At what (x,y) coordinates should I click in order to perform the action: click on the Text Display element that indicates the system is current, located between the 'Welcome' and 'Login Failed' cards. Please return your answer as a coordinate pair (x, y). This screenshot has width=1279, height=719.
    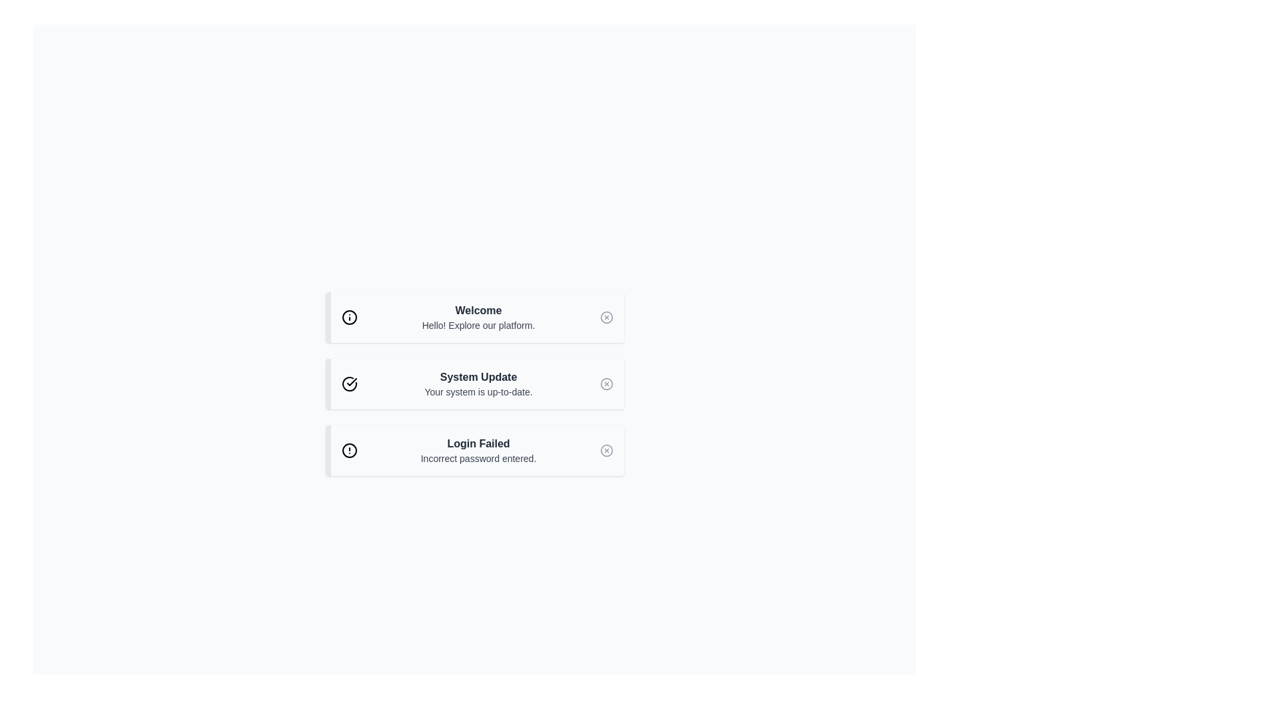
    Looking at the image, I should click on (478, 384).